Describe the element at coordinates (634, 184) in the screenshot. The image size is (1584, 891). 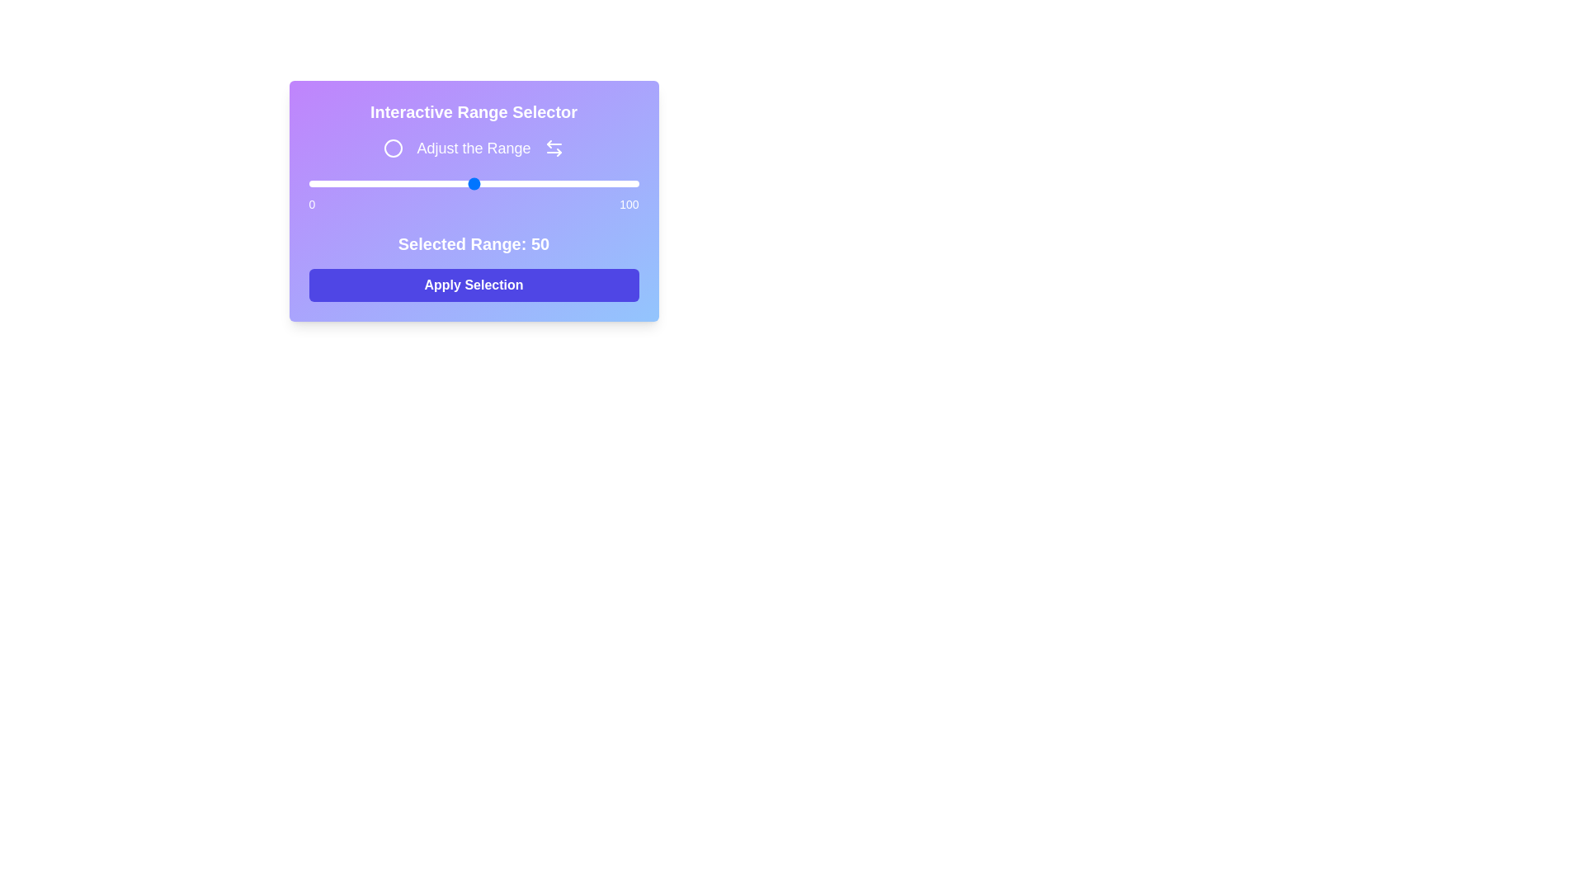
I see `the slider to set the range to 99` at that location.